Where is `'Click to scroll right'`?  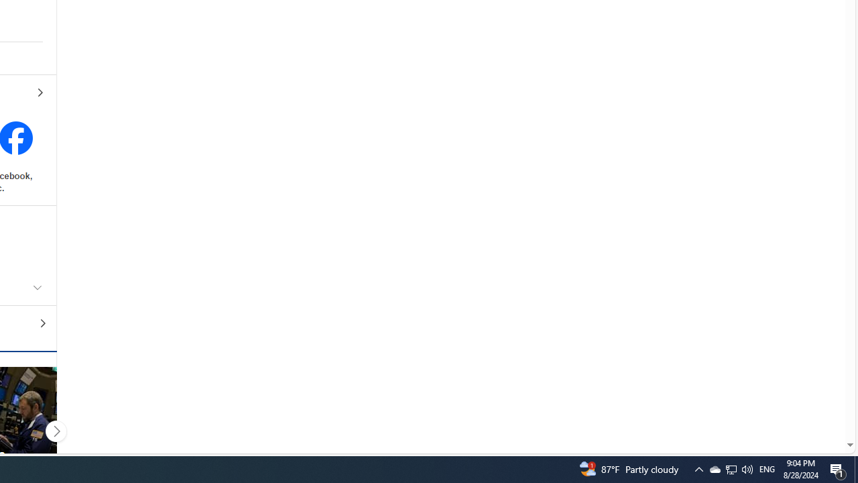
'Click to scroll right' is located at coordinates (55, 431).